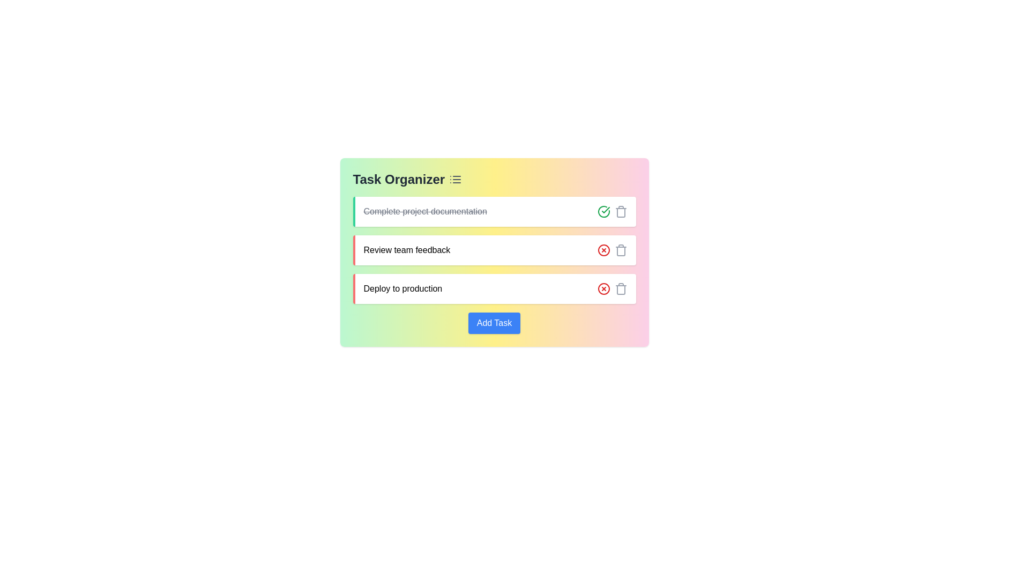  Describe the element at coordinates (603, 250) in the screenshot. I see `the cancel button located to the right of the text 'Review team feedback'` at that location.